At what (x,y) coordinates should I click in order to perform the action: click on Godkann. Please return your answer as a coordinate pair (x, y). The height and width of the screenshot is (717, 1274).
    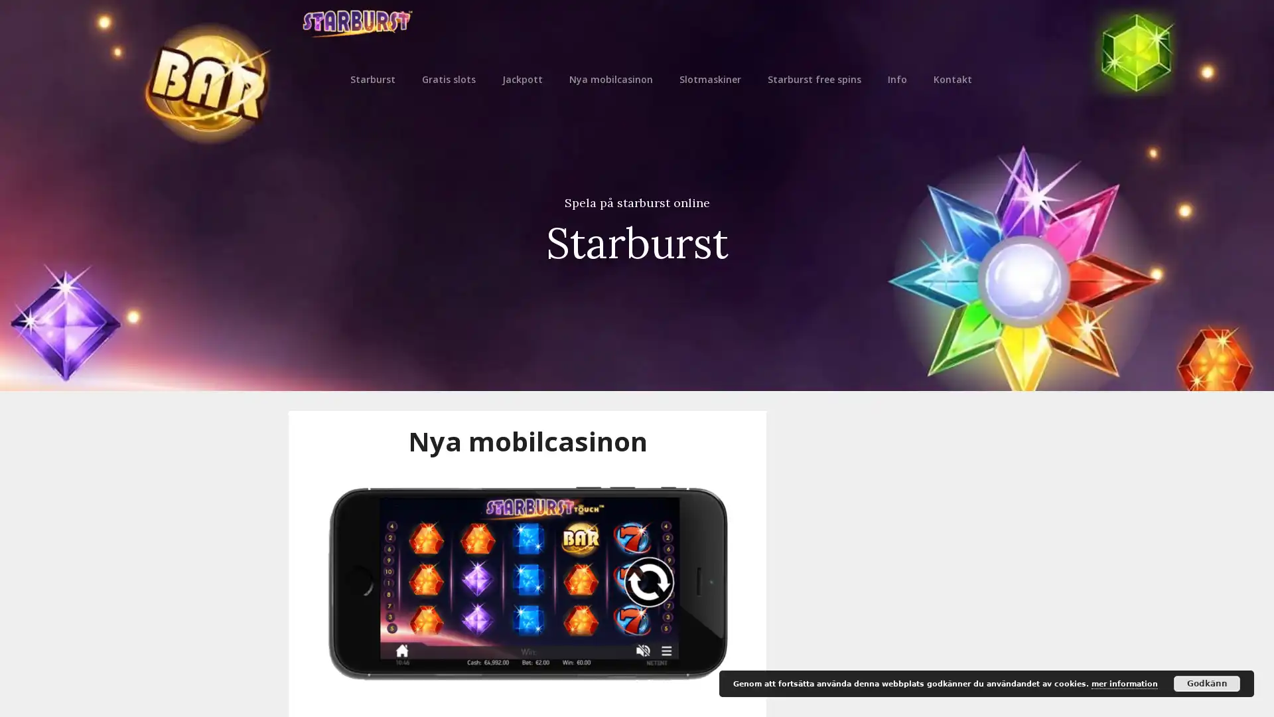
    Looking at the image, I should click on (1207, 683).